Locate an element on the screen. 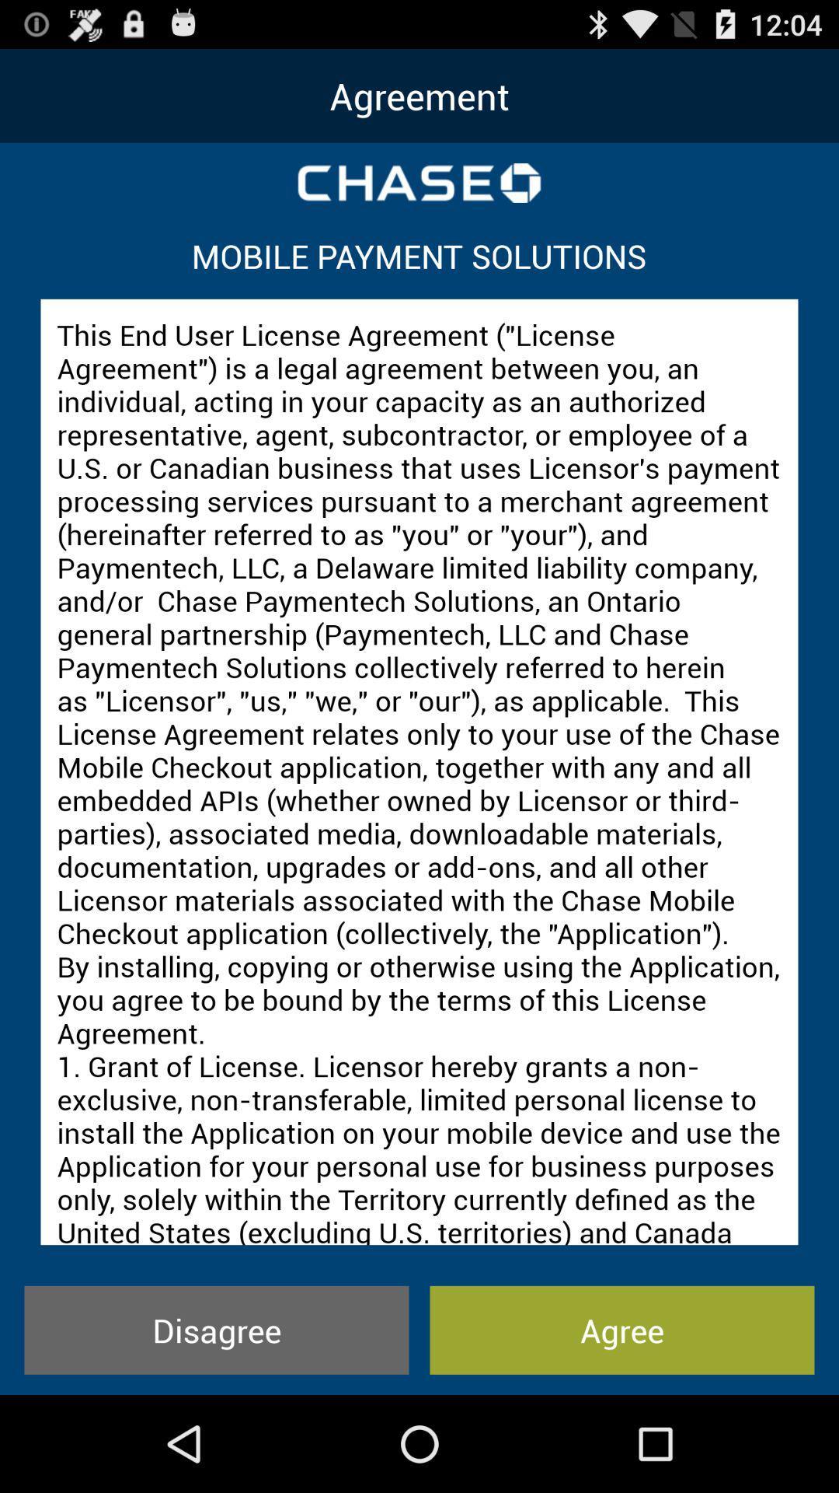  icon at the bottom left corner is located at coordinates (216, 1329).